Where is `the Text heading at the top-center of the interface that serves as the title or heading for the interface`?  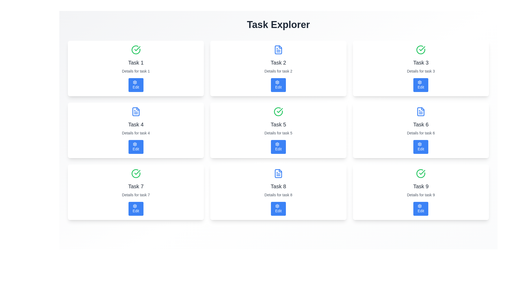
the Text heading at the top-center of the interface that serves as the title or heading for the interface is located at coordinates (278, 25).